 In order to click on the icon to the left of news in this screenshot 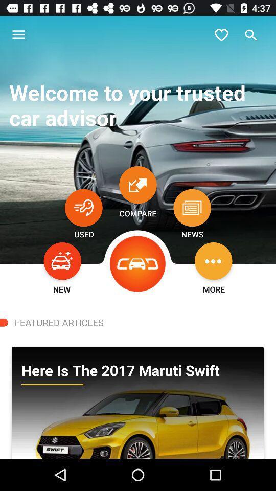, I will do `click(138, 263)`.